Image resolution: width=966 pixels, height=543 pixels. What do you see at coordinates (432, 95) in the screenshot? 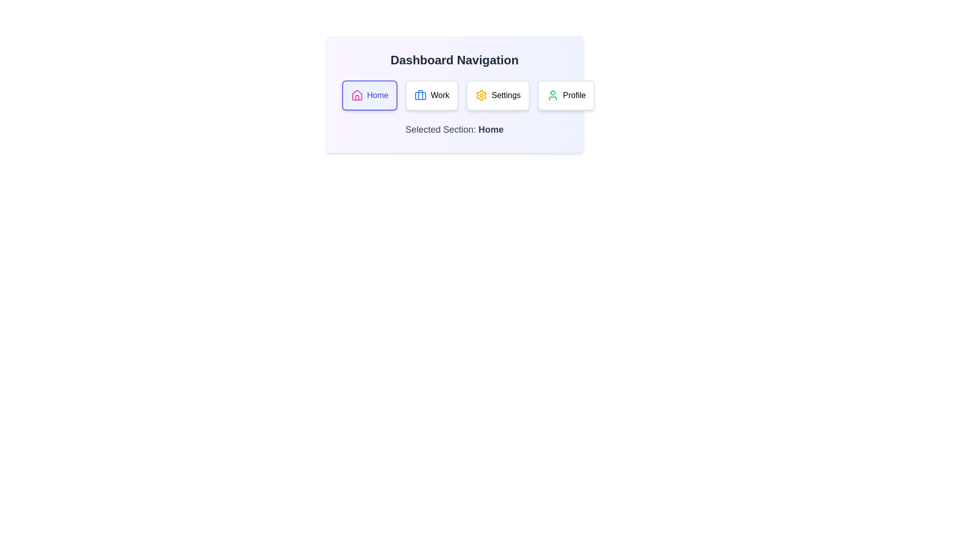
I see `the navigation button that switches the application's view to the 'Work' section, positioned between 'Home' and 'Settings'` at bounding box center [432, 95].